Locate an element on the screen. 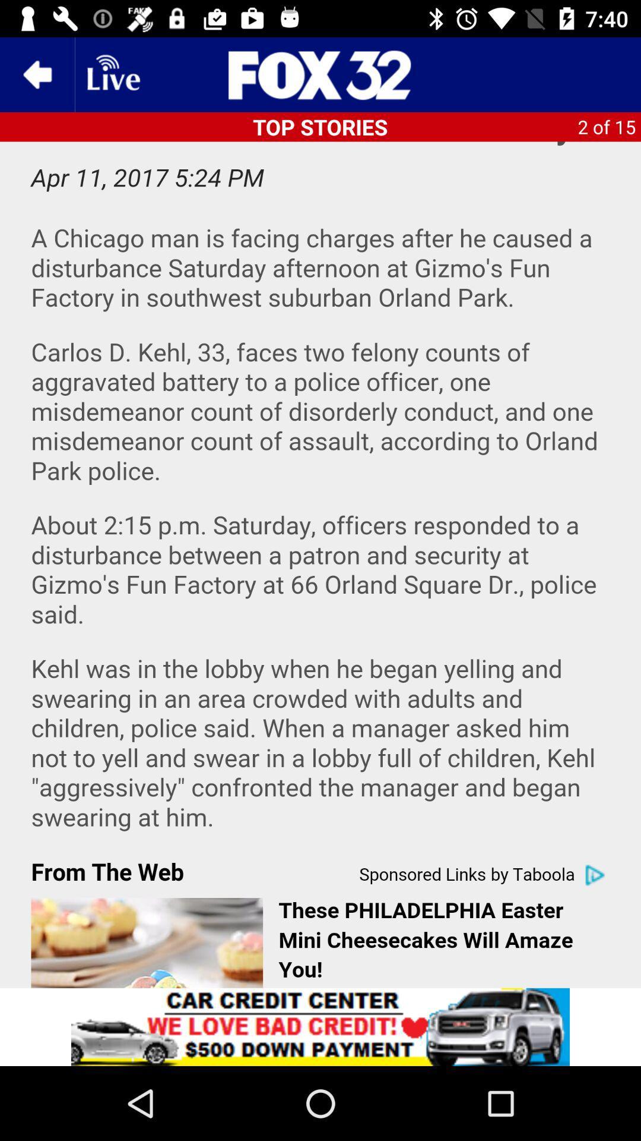 The height and width of the screenshot is (1141, 641). the arrow_backward icon is located at coordinates (36, 74).